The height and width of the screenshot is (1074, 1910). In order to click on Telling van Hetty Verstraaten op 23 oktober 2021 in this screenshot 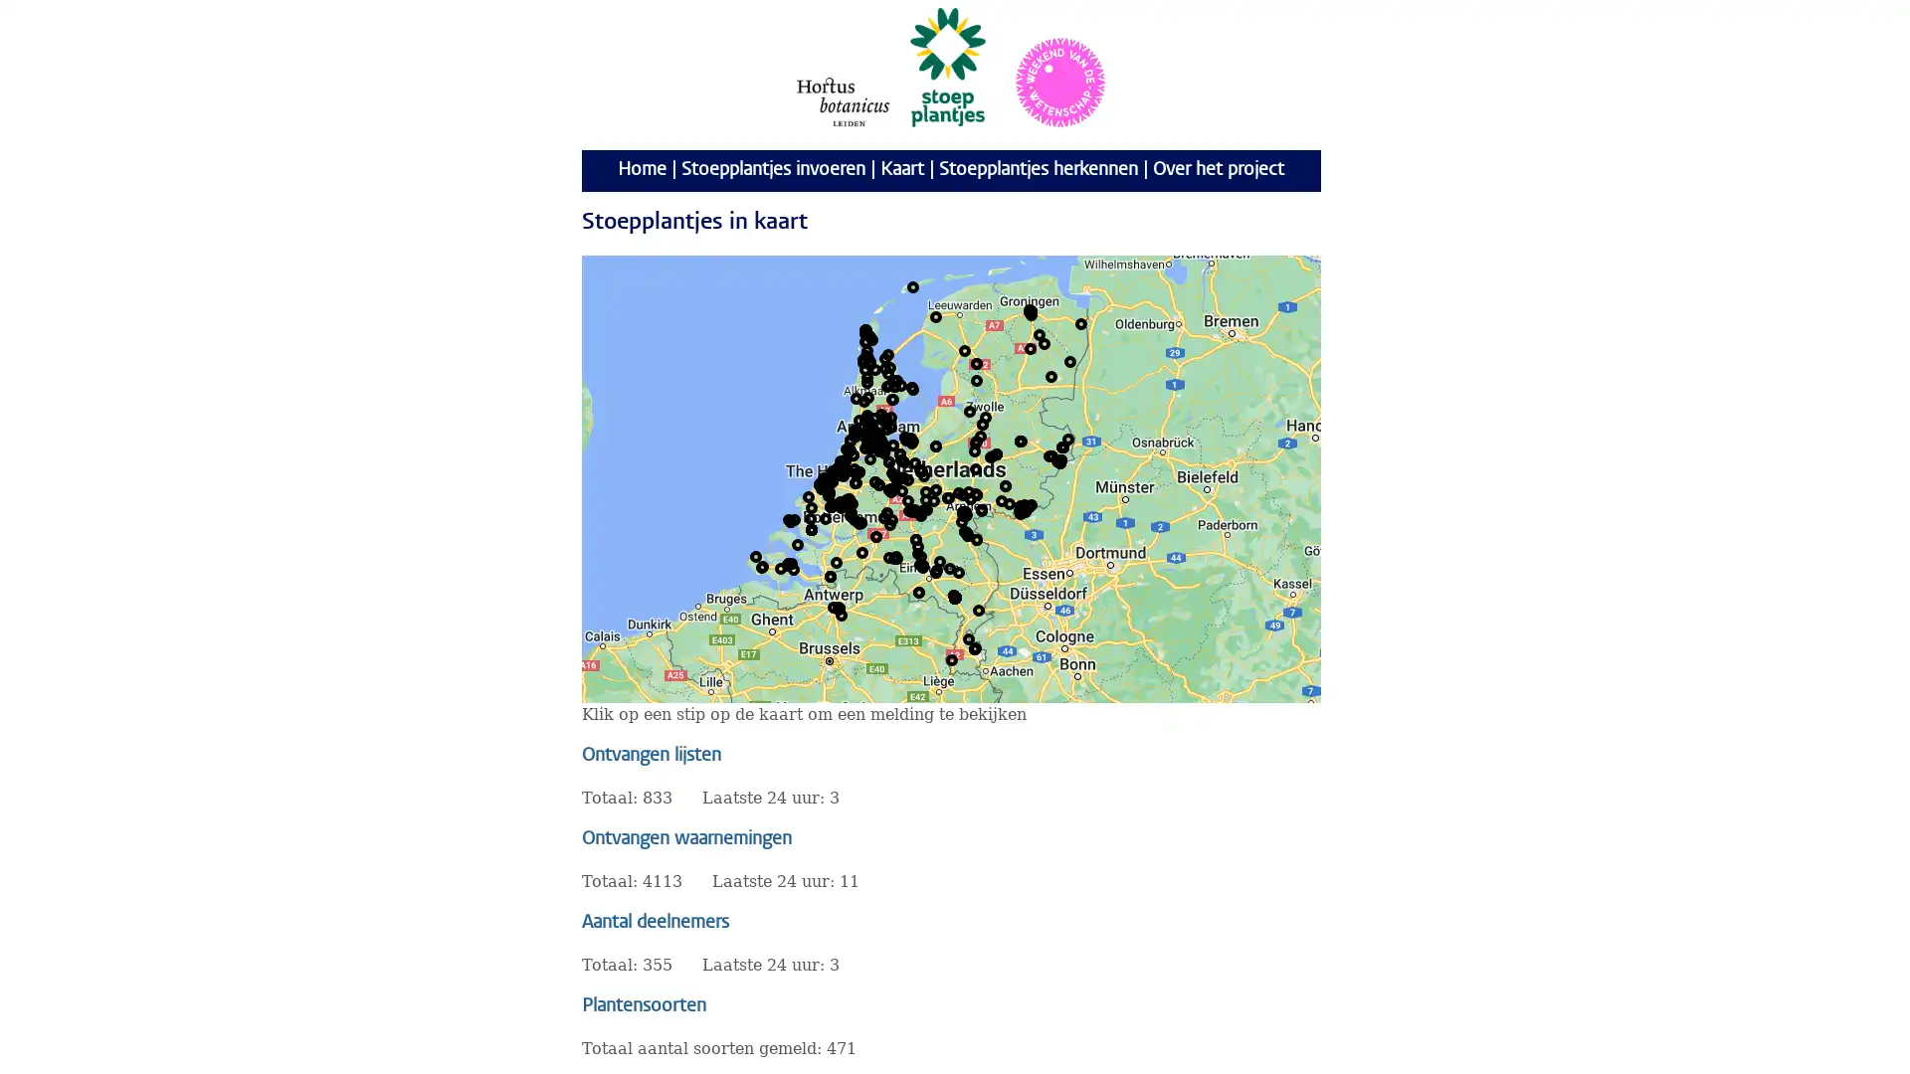, I will do `click(980, 435)`.